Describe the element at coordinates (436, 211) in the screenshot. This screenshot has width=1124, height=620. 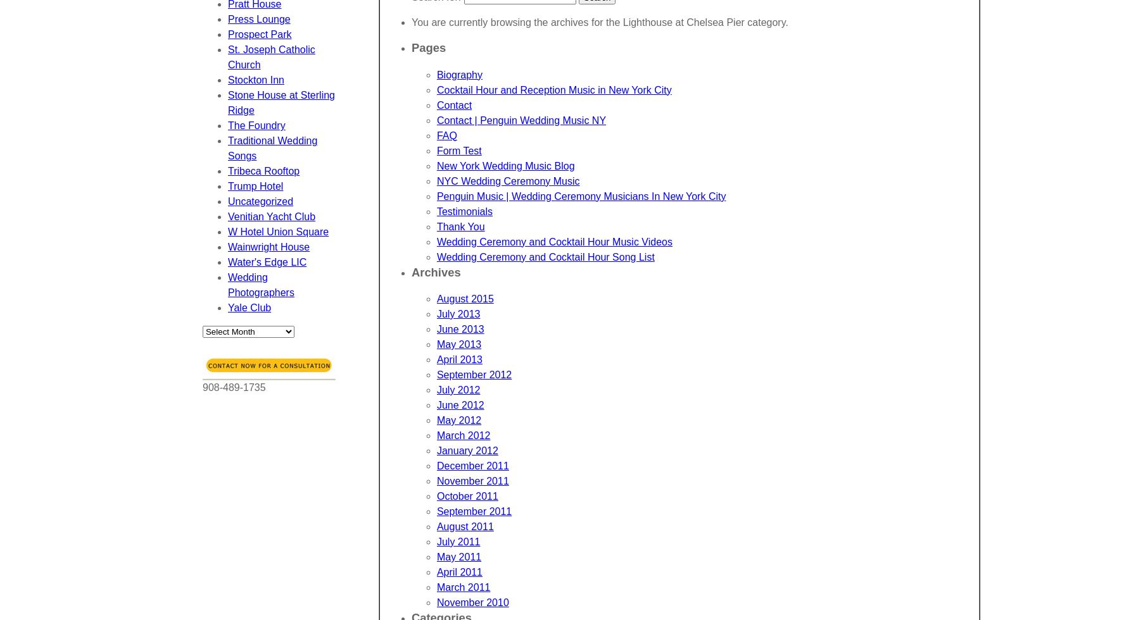
I see `'Testimonials'` at that location.